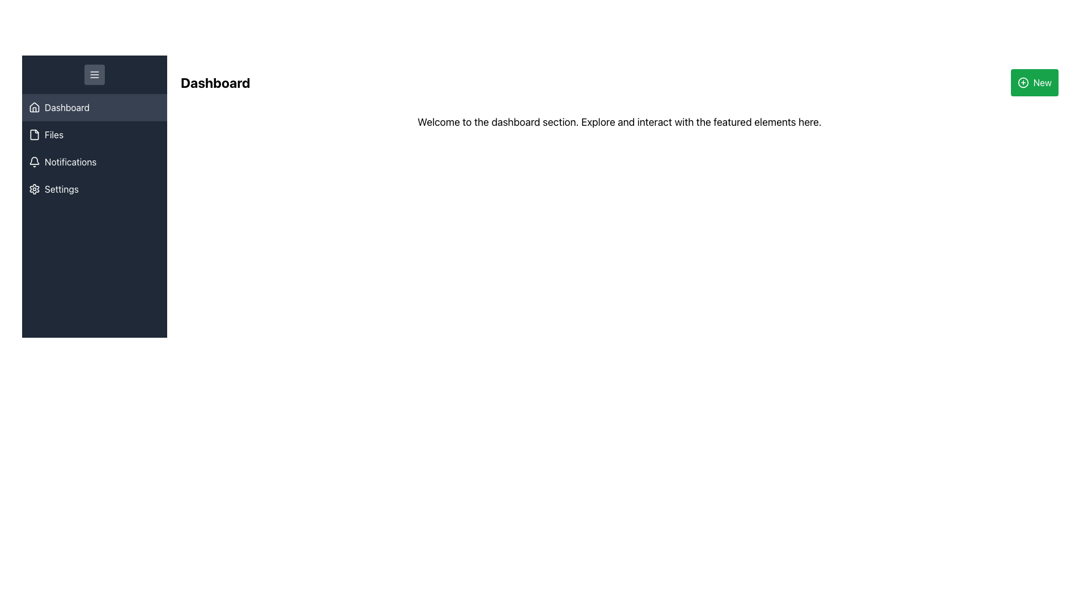  I want to click on the small house icon with a white outline located in the left sidebar, so click(35, 107).